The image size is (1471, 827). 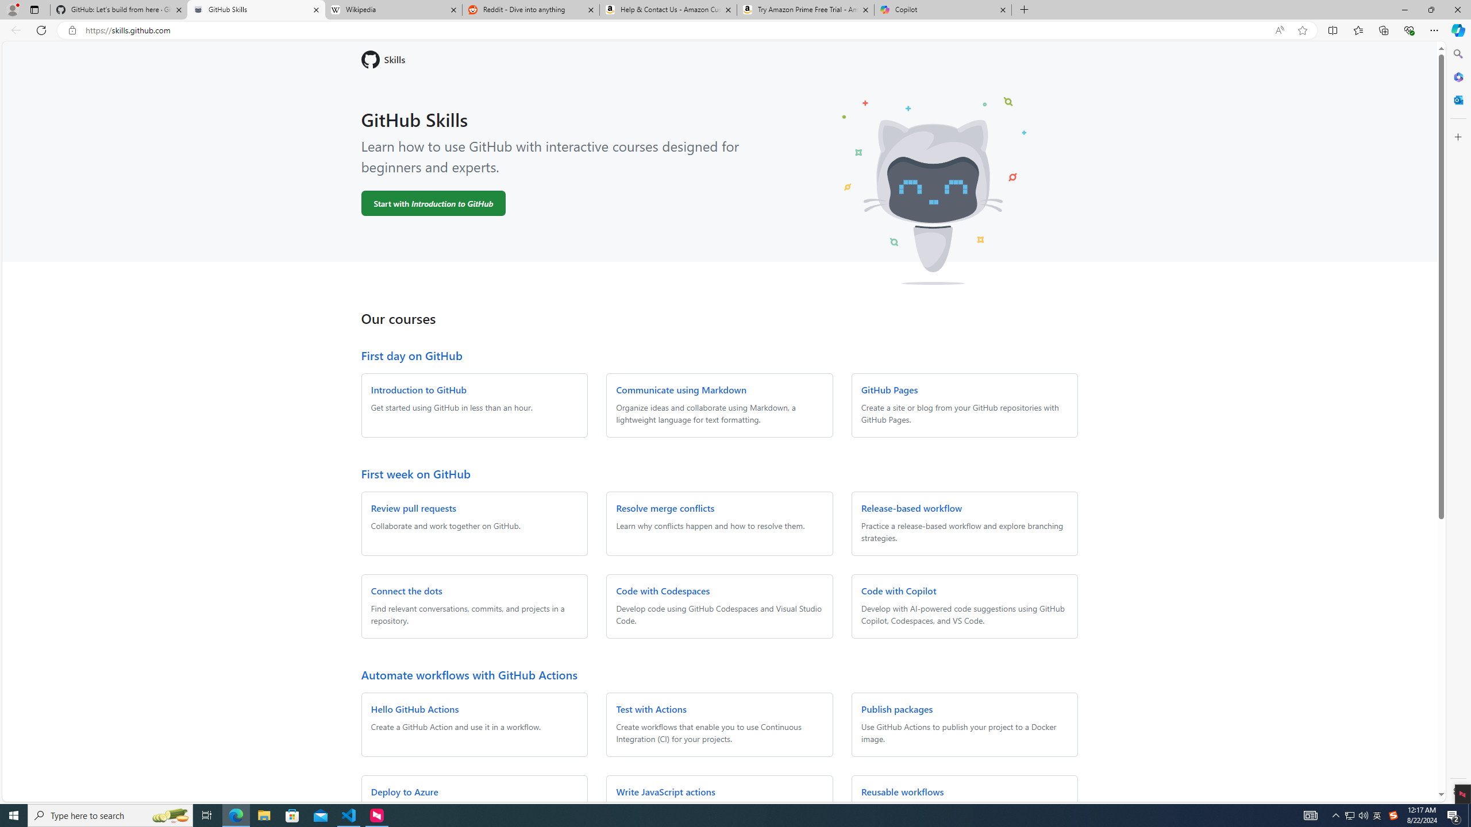 I want to click on 'Code with Copilot', so click(x=899, y=590).